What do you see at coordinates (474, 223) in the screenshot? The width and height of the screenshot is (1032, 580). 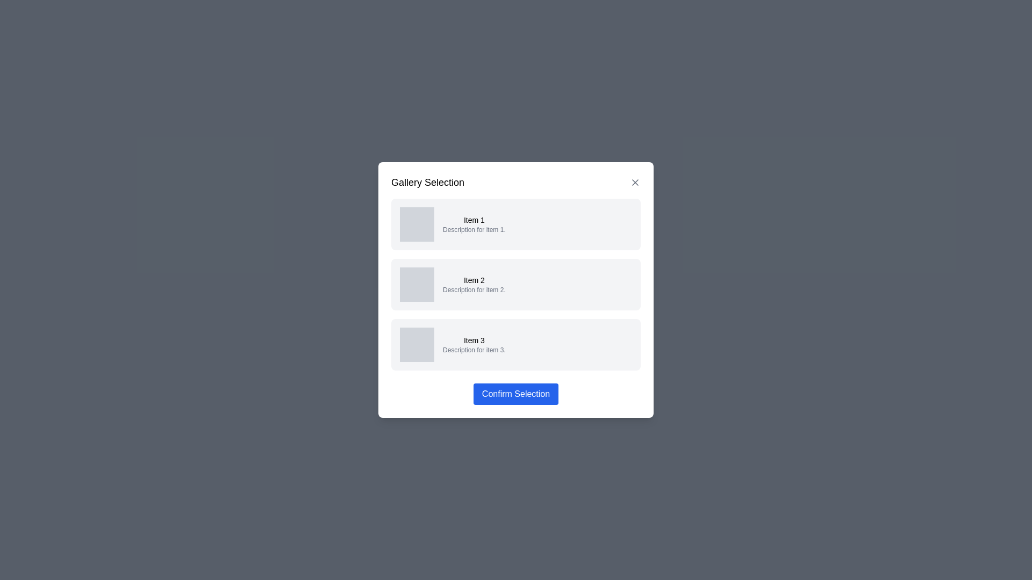 I see `the first list item in the modal dialog box, which contains a bold 'Item 1' and a smaller gray 'Description for item 1'` at bounding box center [474, 223].